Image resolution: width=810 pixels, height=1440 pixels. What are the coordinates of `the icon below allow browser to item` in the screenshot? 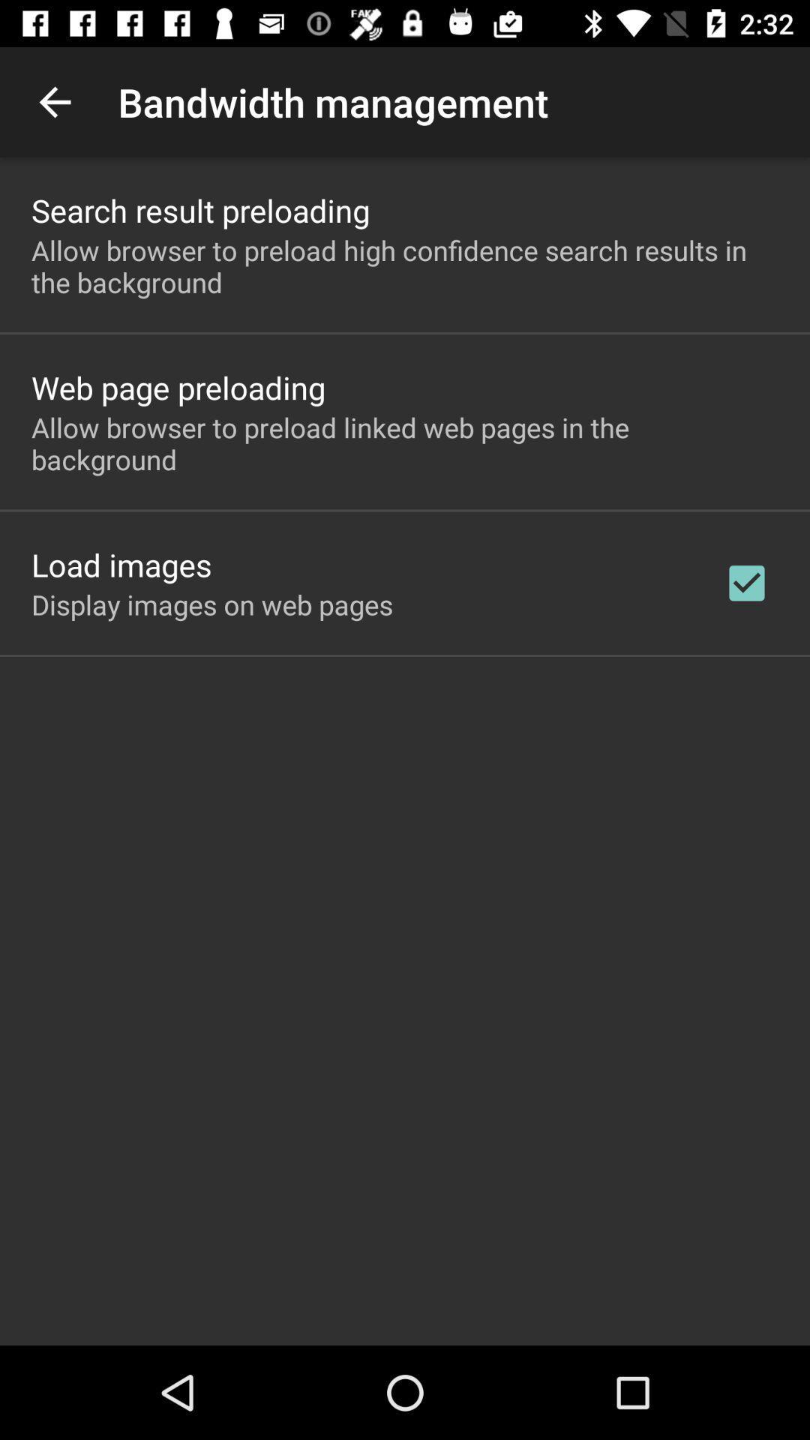 It's located at (746, 582).